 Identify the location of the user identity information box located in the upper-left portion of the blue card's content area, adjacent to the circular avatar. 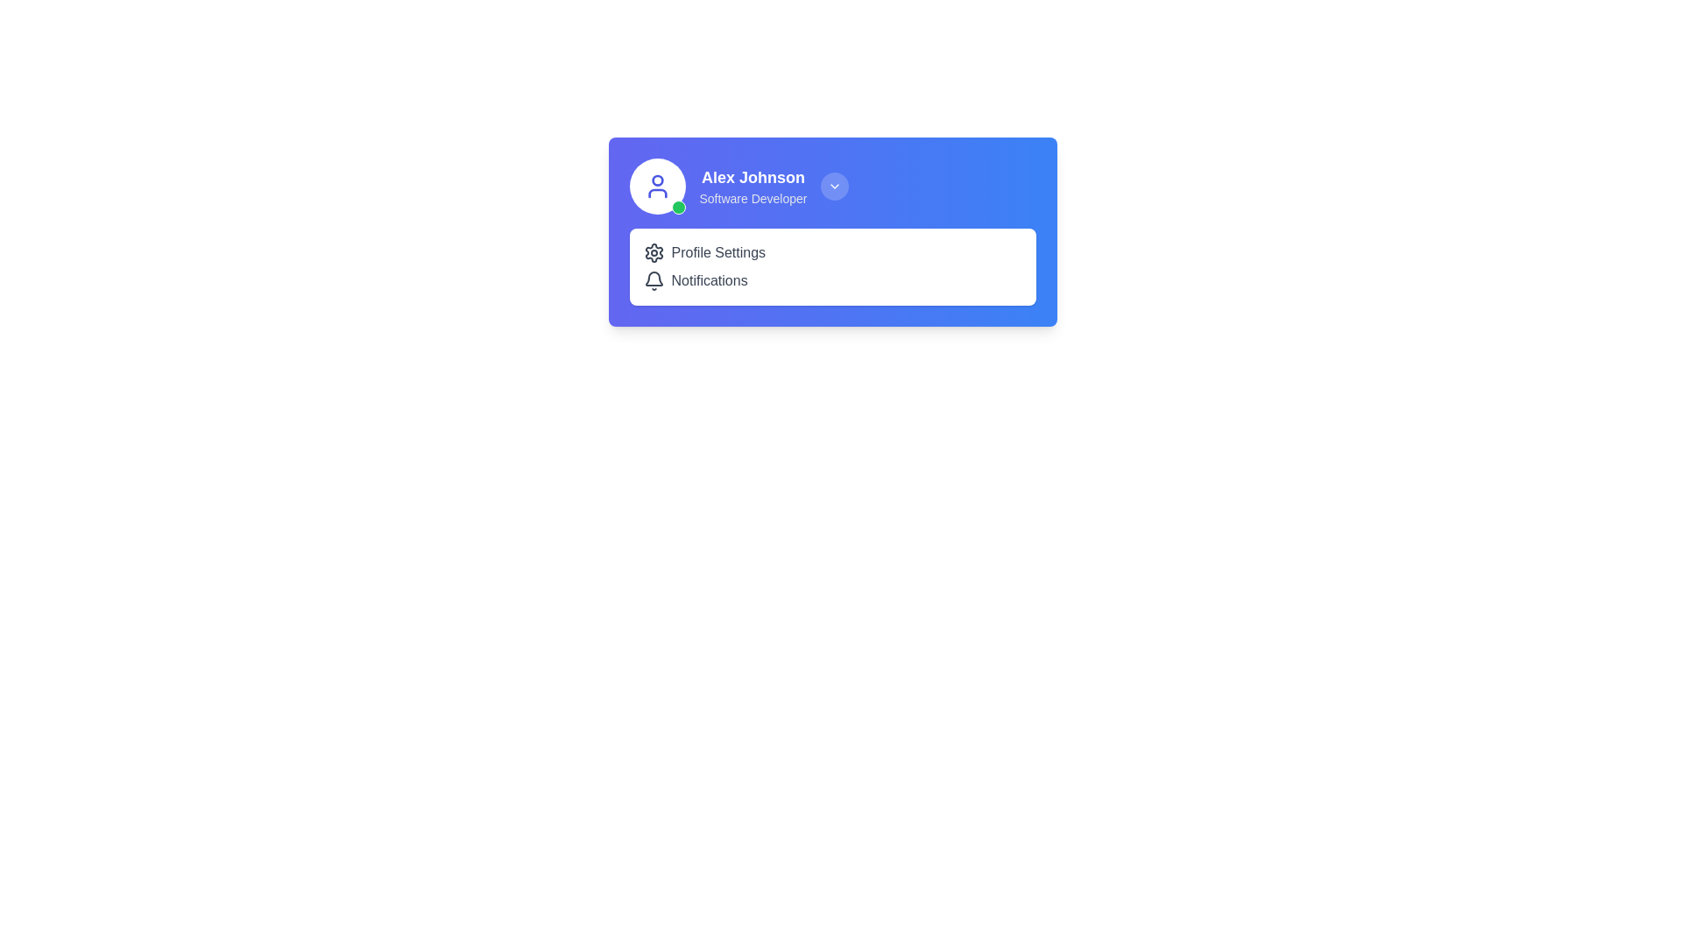
(753, 186).